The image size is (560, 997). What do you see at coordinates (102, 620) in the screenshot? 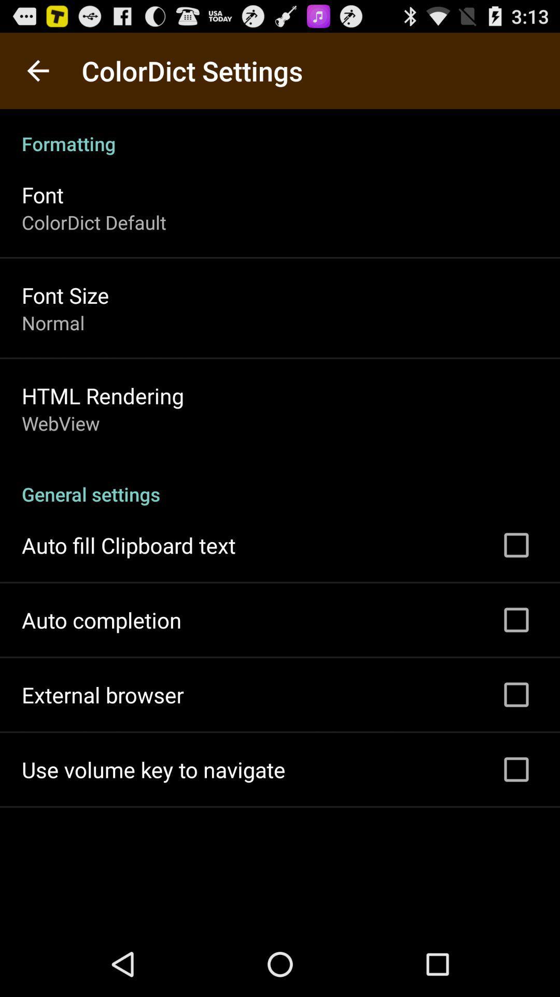
I see `the auto completion icon` at bounding box center [102, 620].